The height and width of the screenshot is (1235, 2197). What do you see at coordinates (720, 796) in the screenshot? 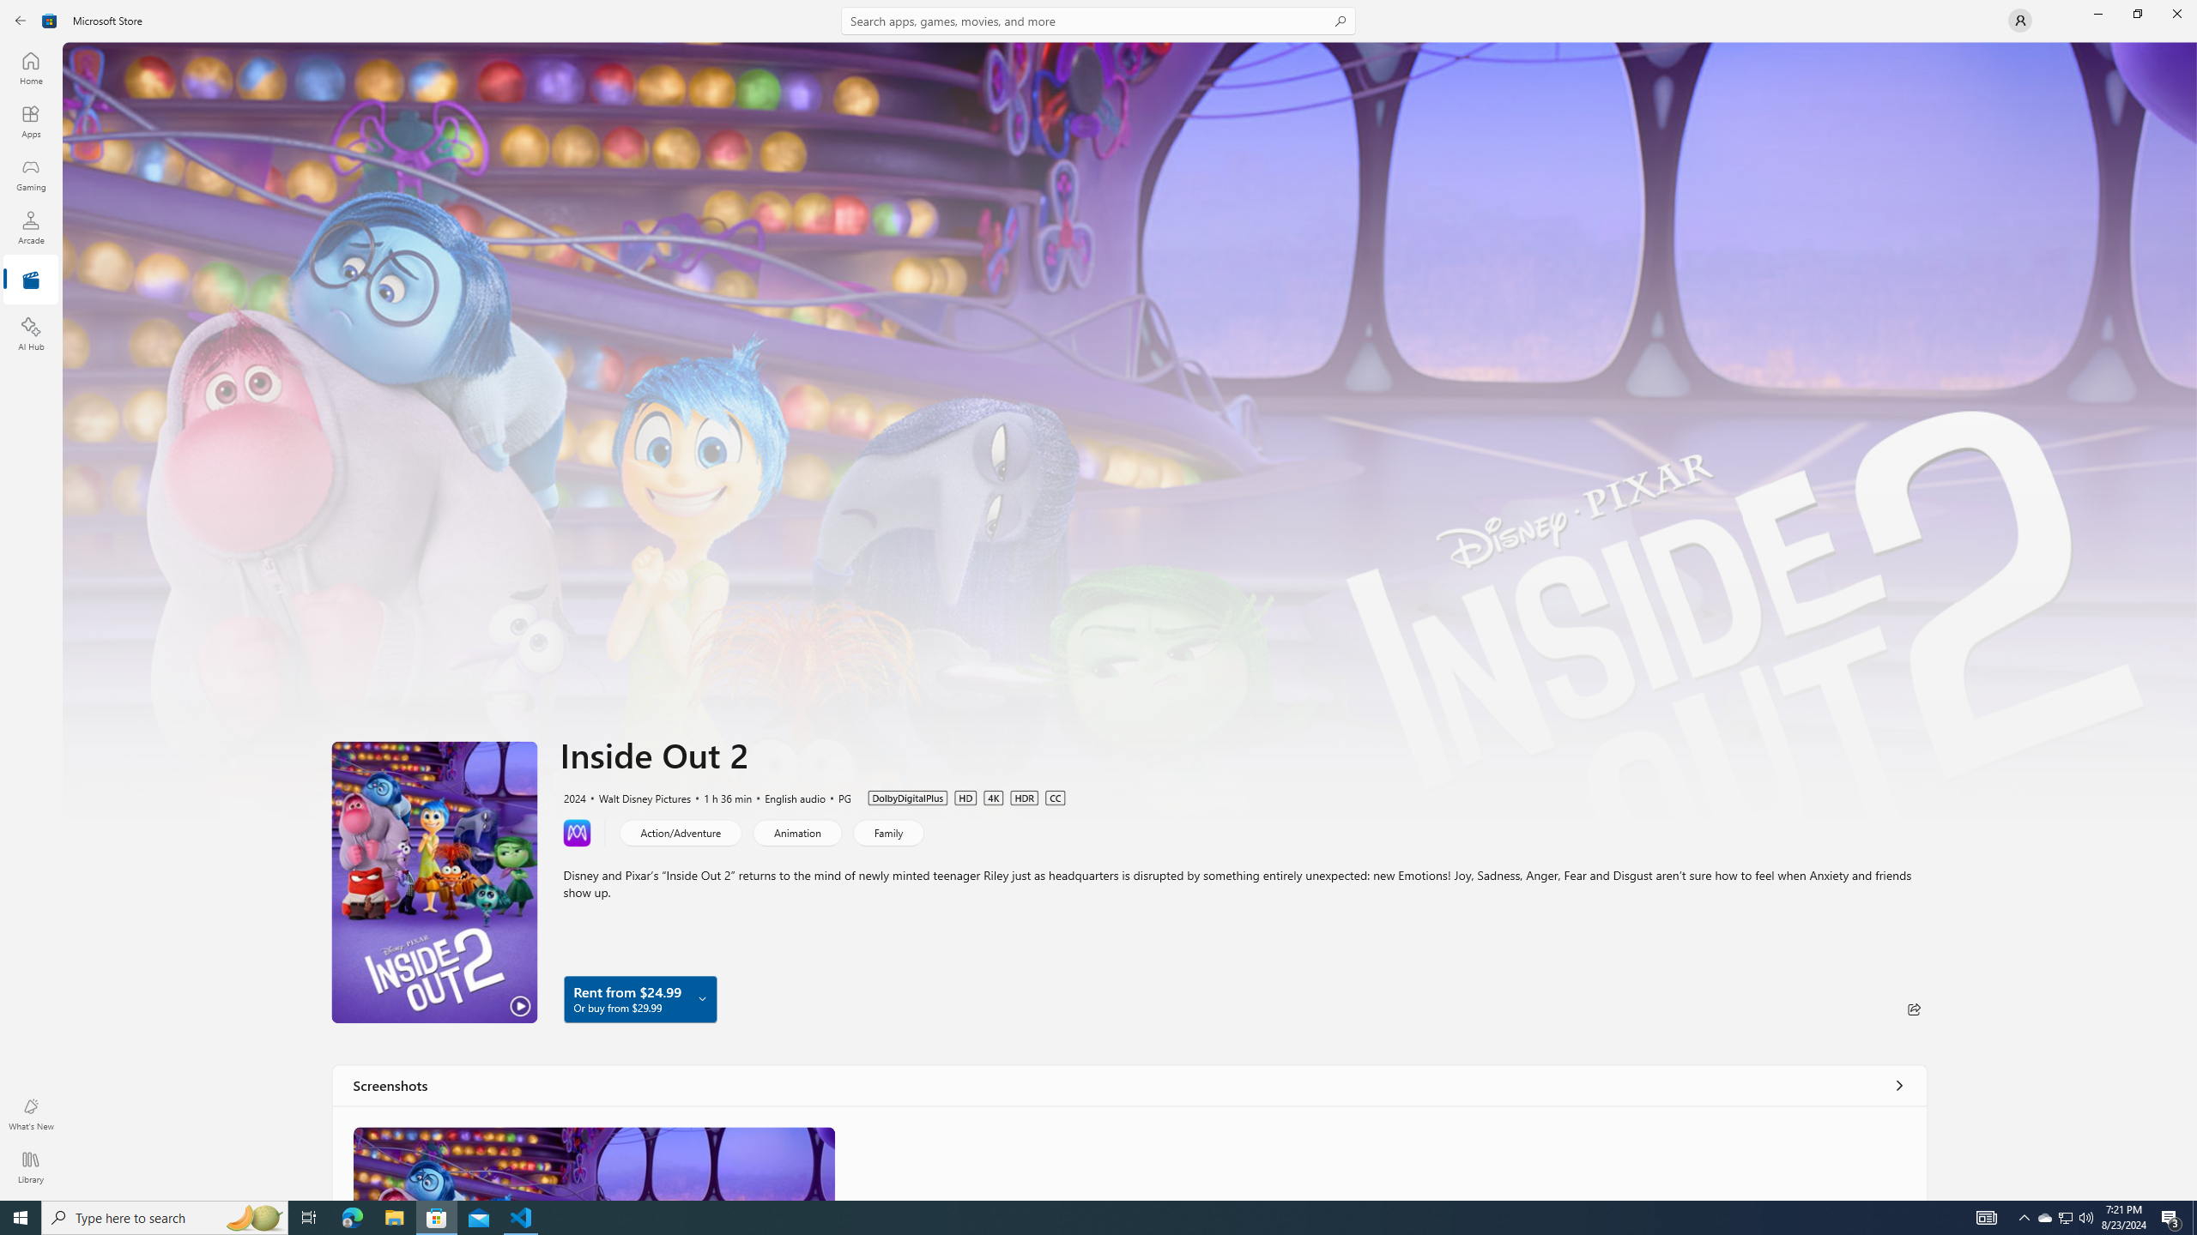
I see `'1 h 36 min'` at bounding box center [720, 796].